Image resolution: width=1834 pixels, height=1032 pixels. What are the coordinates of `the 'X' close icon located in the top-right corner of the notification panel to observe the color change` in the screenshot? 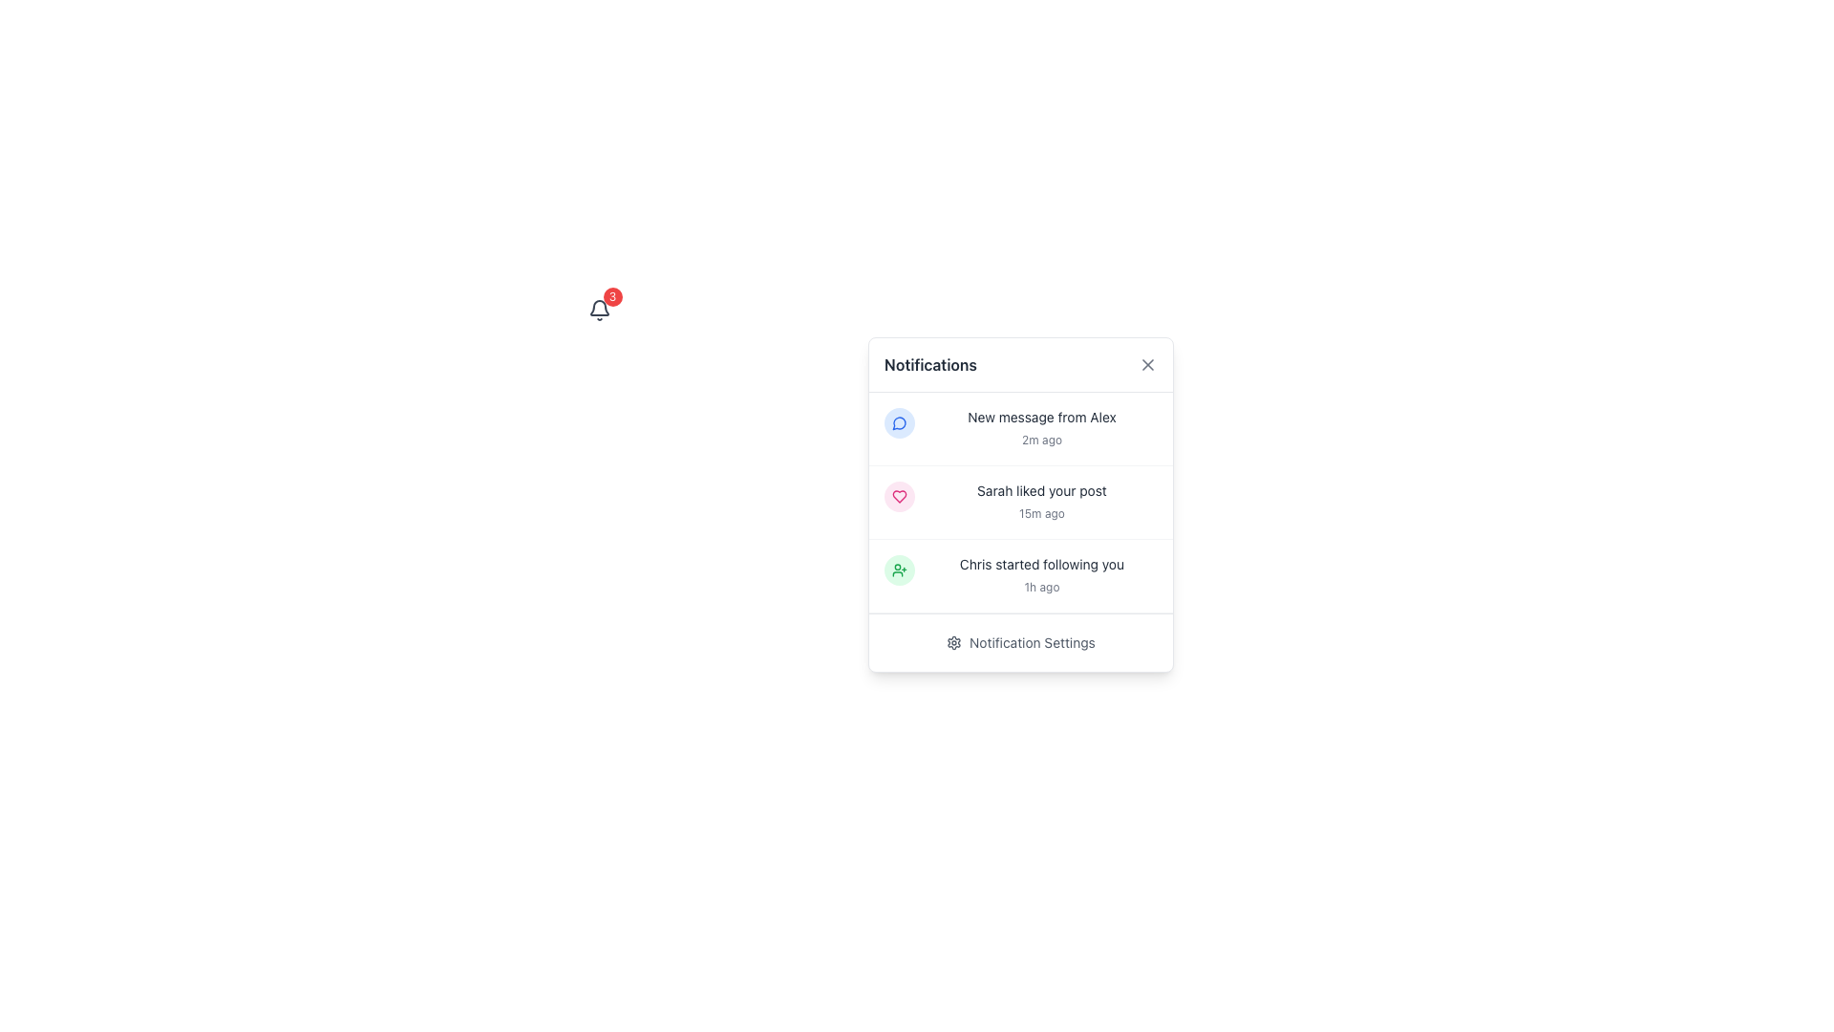 It's located at (1146, 364).